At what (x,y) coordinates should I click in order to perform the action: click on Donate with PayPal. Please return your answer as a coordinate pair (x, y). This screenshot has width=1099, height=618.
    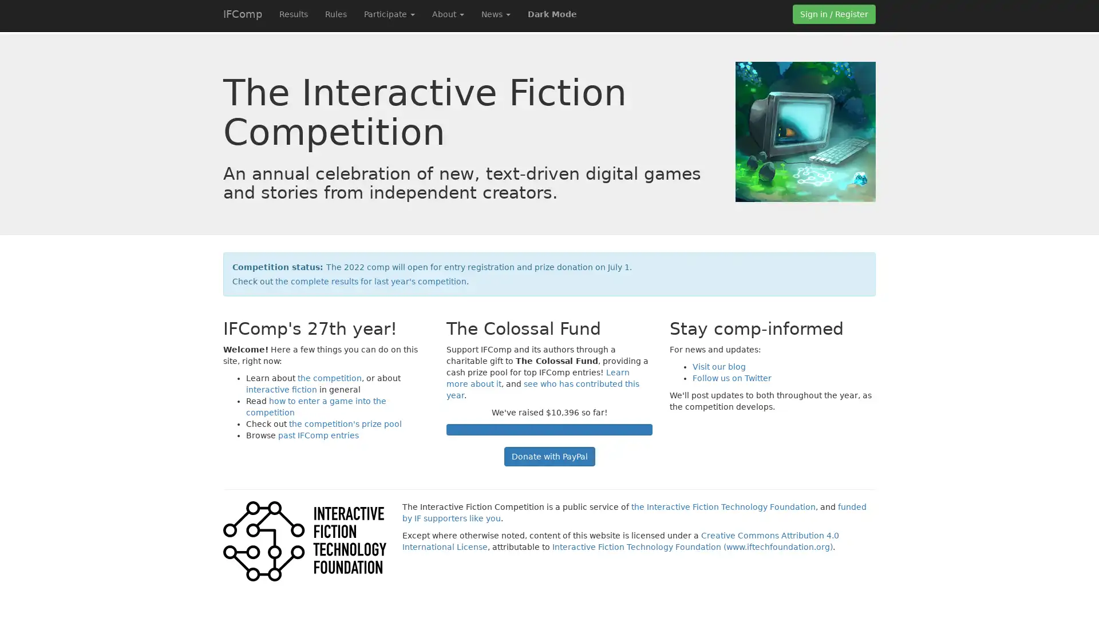
    Looking at the image, I should click on (548, 455).